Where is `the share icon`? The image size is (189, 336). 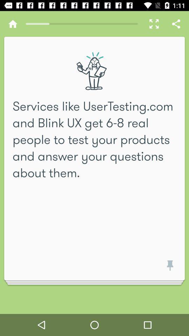 the share icon is located at coordinates (176, 24).